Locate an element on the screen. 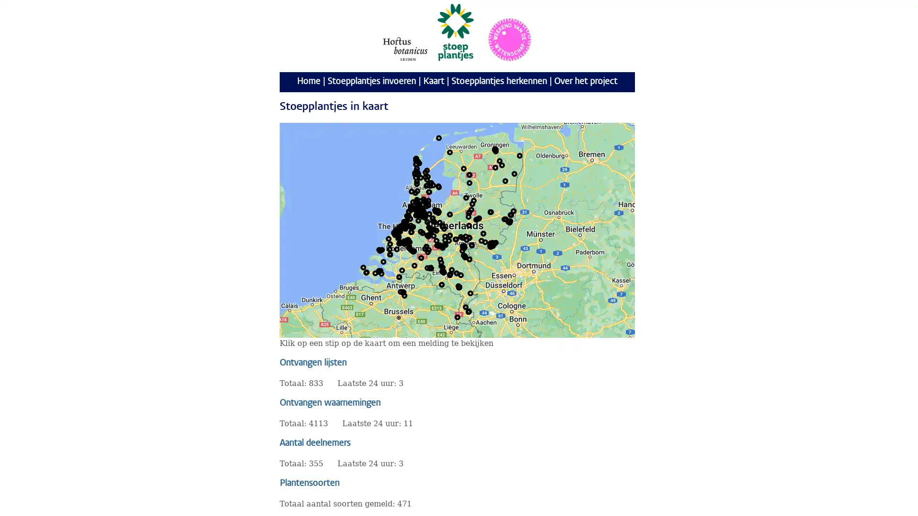 The image size is (918, 516). Telling van veerle op 30 november 2021 is located at coordinates (436, 230).